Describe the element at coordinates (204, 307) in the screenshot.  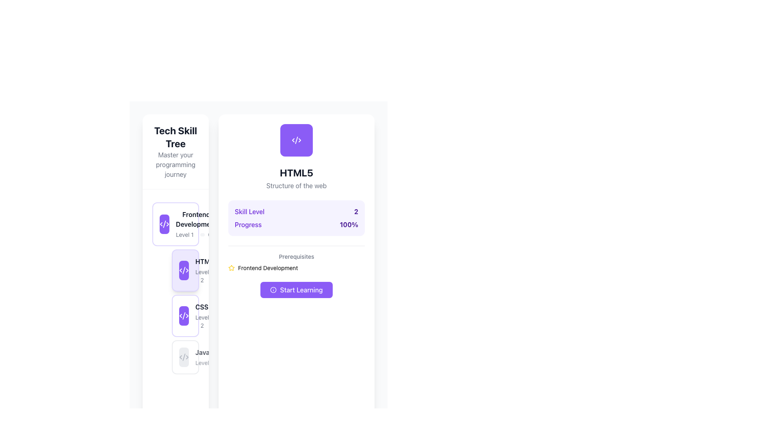
I see `text content of the 'CSS3' label, which is styled in bold dark gray and is the third item in the vertical Tech Skill Tree sidebar` at that location.